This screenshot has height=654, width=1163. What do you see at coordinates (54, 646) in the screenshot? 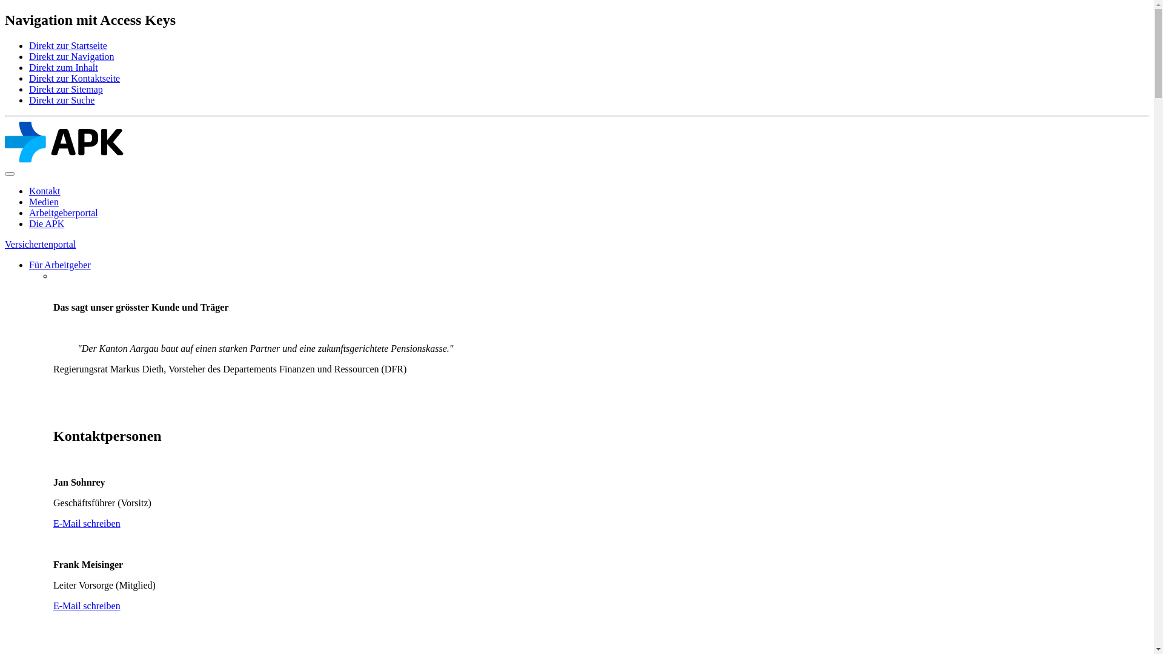
I see `' '` at bounding box center [54, 646].